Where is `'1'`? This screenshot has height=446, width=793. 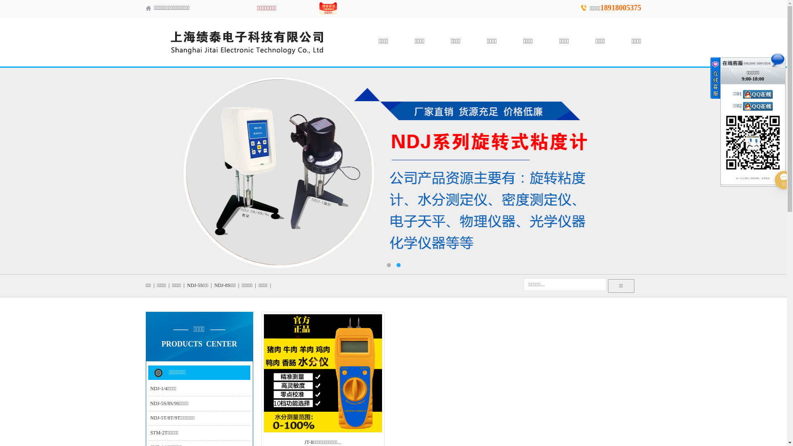 '1' is located at coordinates (388, 265).